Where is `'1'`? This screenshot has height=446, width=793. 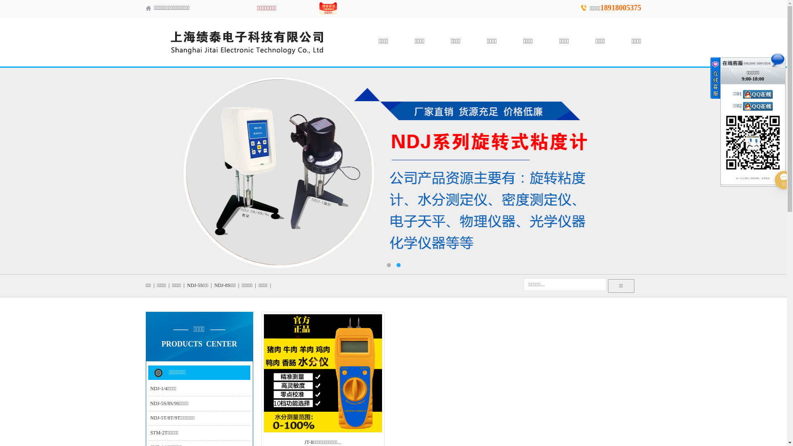 '1' is located at coordinates (388, 265).